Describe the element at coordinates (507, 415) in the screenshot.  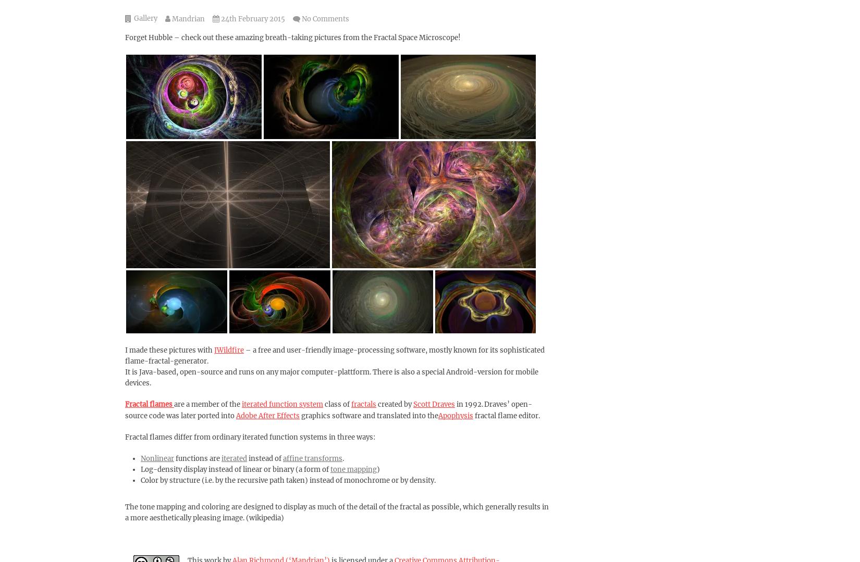
I see `'fractal flame editor.'` at that location.